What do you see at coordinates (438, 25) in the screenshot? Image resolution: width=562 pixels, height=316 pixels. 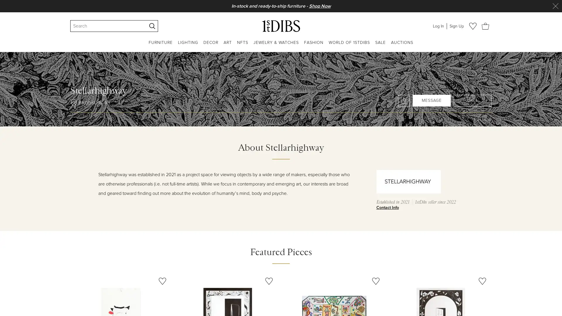 I see `Log In` at bounding box center [438, 25].